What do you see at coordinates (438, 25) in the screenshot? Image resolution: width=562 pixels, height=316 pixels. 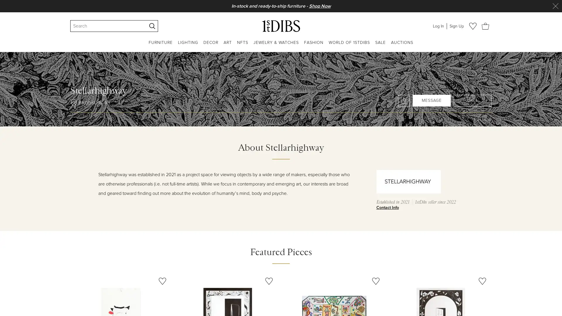 I see `Log In` at bounding box center [438, 25].